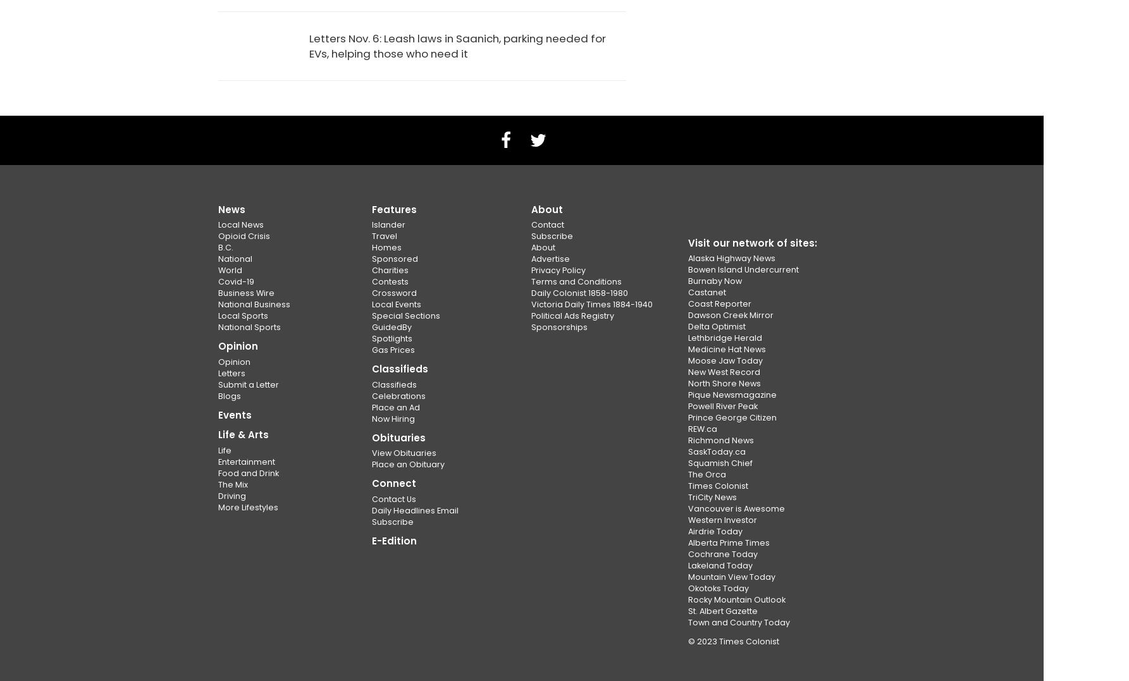 The height and width of the screenshot is (681, 1129). I want to click on 'National', so click(218, 259).